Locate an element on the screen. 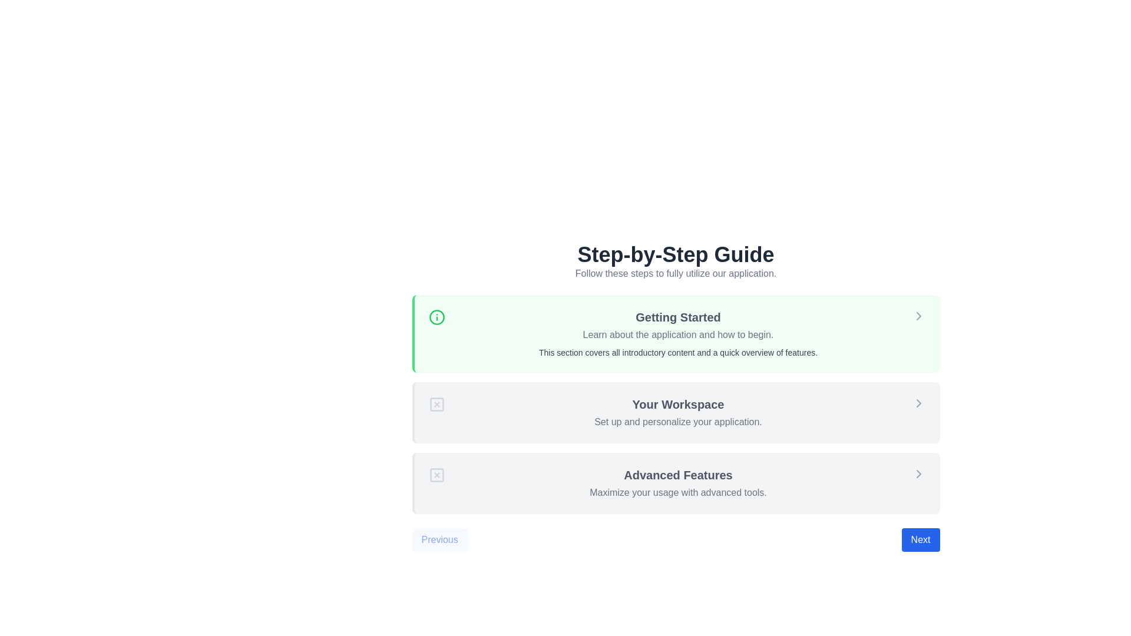 The height and width of the screenshot is (636, 1131). text label titled 'Advanced Features' that provides information about this section, which is located in the third section of a vertically stacked list of items is located at coordinates (678, 483).